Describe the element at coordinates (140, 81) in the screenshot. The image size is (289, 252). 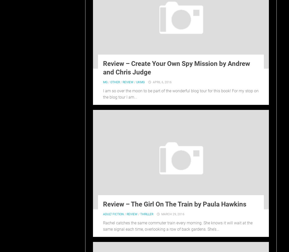
I see `'UKMG'` at that location.